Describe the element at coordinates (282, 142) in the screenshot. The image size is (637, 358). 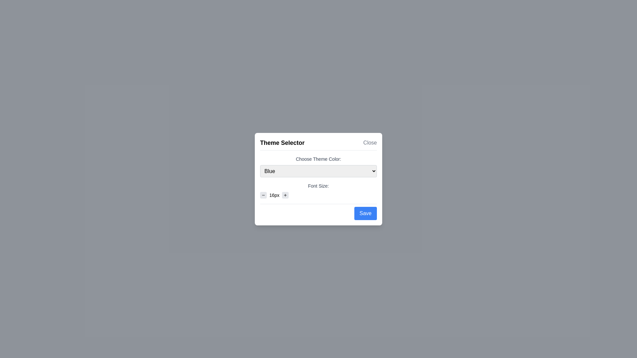
I see `the bold text label displaying 'Theme Selector', which is located in the header bar of the pop-up interface` at that location.